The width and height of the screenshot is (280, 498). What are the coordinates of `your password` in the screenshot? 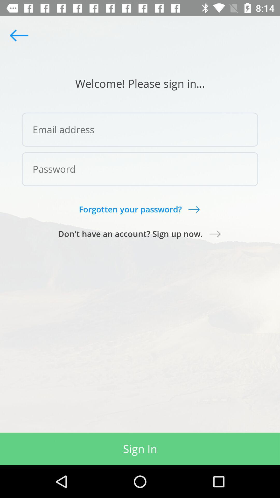 It's located at (140, 169).